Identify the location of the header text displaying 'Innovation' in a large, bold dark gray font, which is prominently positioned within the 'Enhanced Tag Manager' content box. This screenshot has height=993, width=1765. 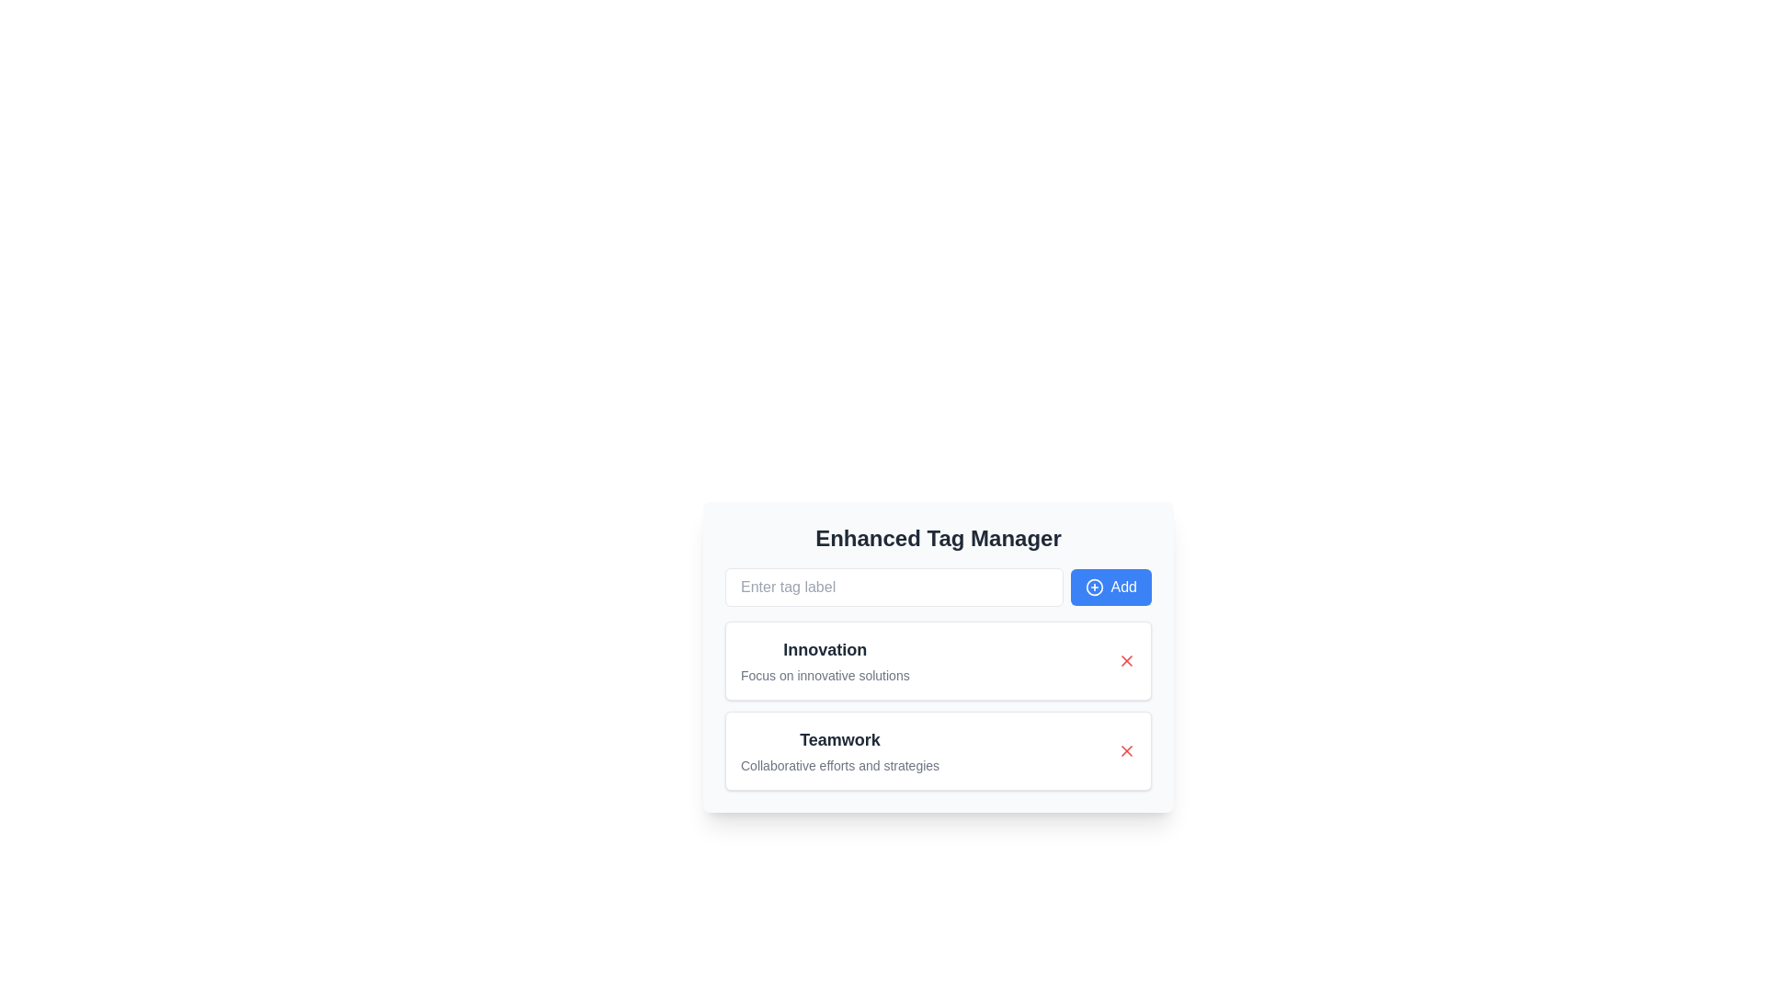
(824, 648).